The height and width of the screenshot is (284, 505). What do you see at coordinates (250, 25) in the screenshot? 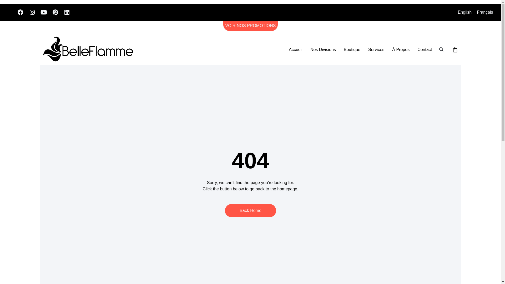
I see `'VOIR NOS PROMOTIONS'` at bounding box center [250, 25].